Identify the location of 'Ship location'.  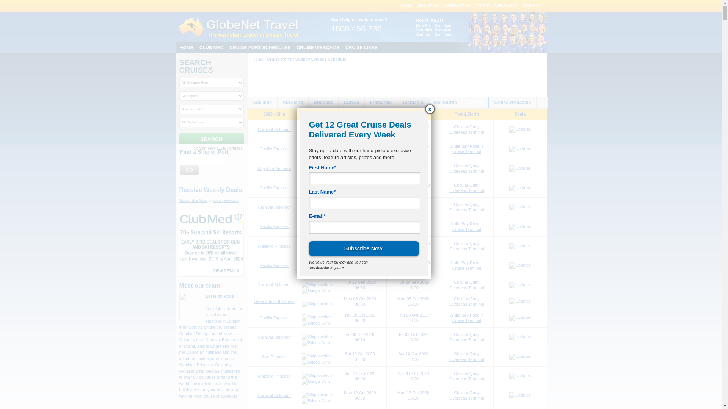
(317, 167).